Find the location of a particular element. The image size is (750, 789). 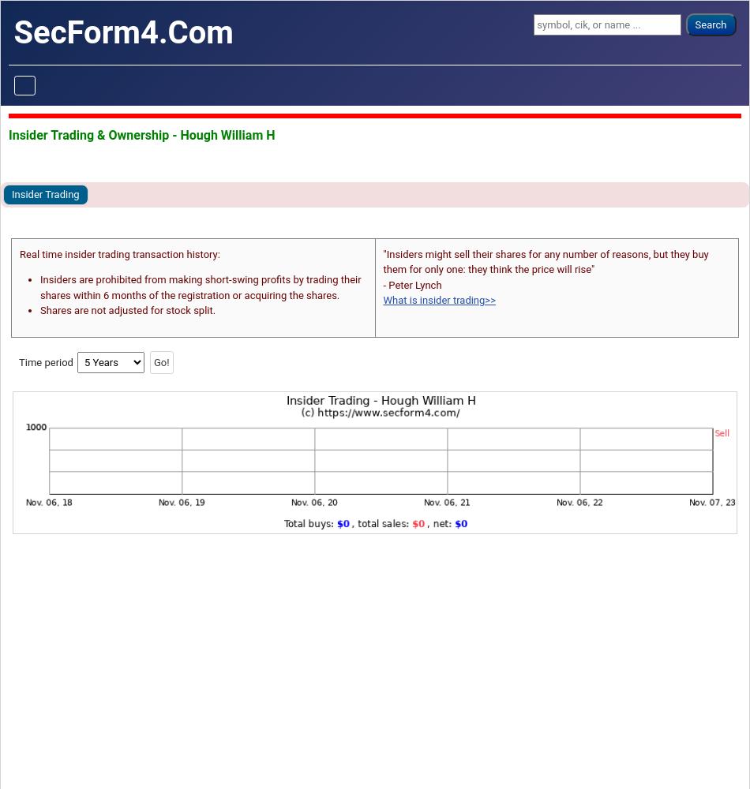

'"Insiders might sell their shares for any number of reasons, but they buy them for only one: they think the price will rise"' is located at coordinates (546, 260).